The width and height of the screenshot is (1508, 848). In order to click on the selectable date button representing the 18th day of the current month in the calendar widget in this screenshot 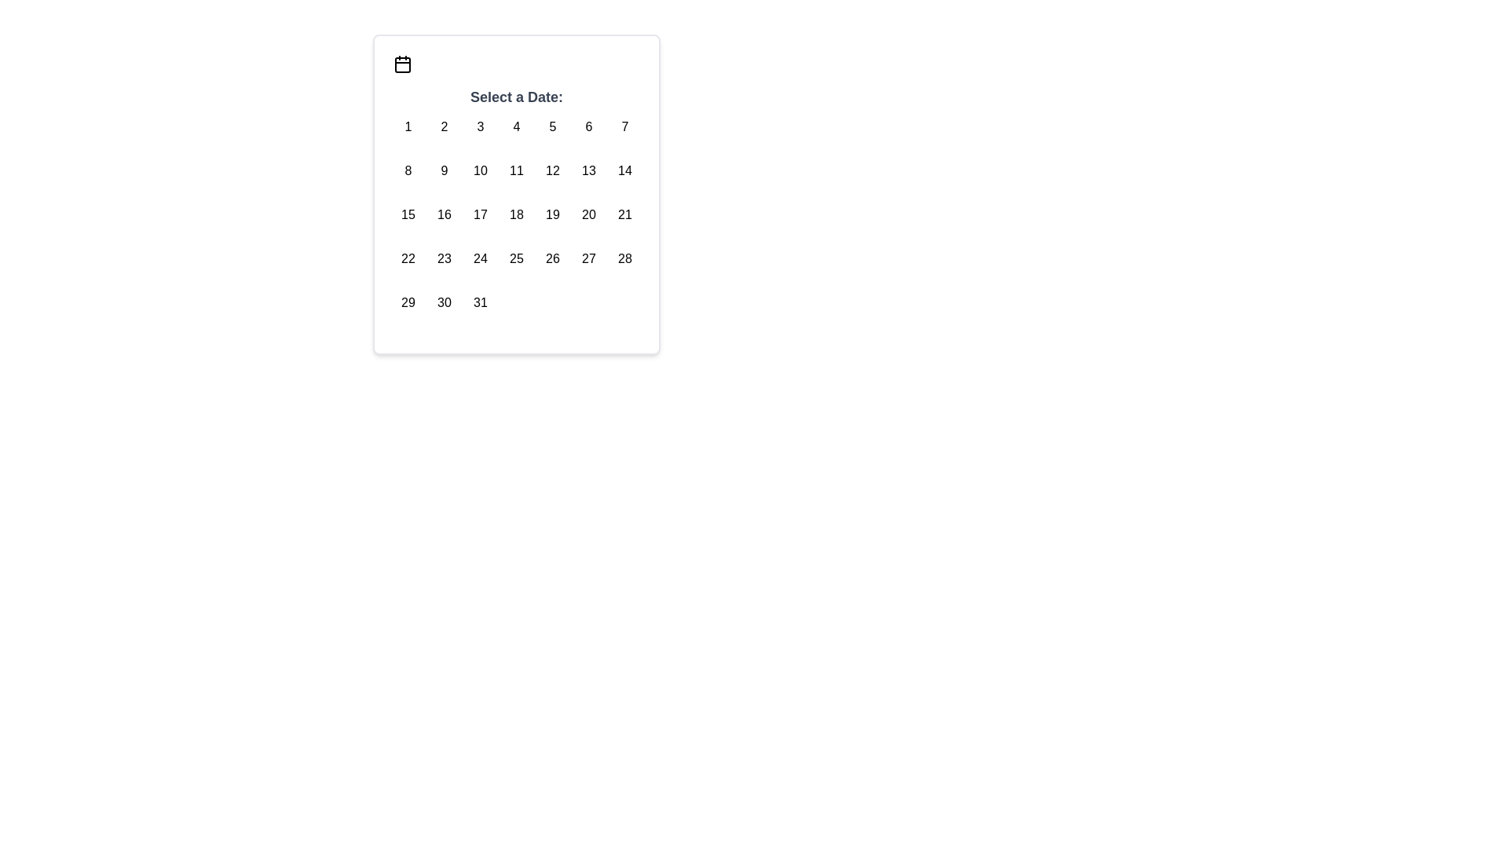, I will do `click(516, 214)`.